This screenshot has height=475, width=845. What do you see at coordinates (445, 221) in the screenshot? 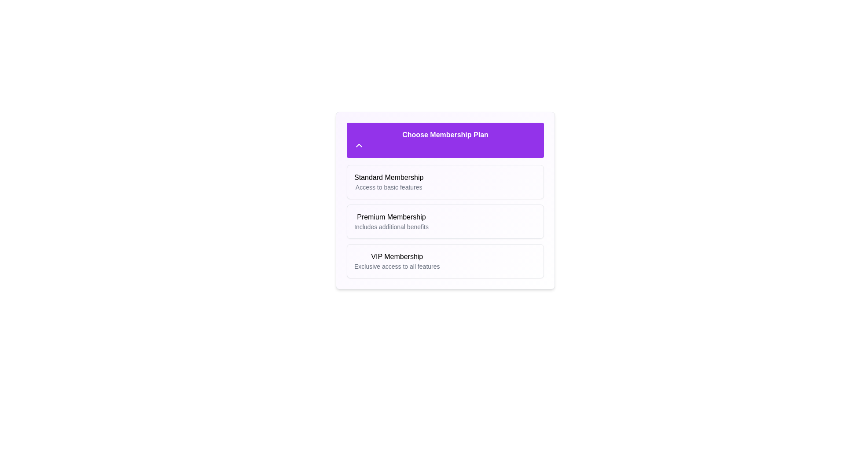
I see `the 'Premium Membership' selection card, which is the second card in the vertical list under the 'Choose Membership Plan' section` at bounding box center [445, 221].